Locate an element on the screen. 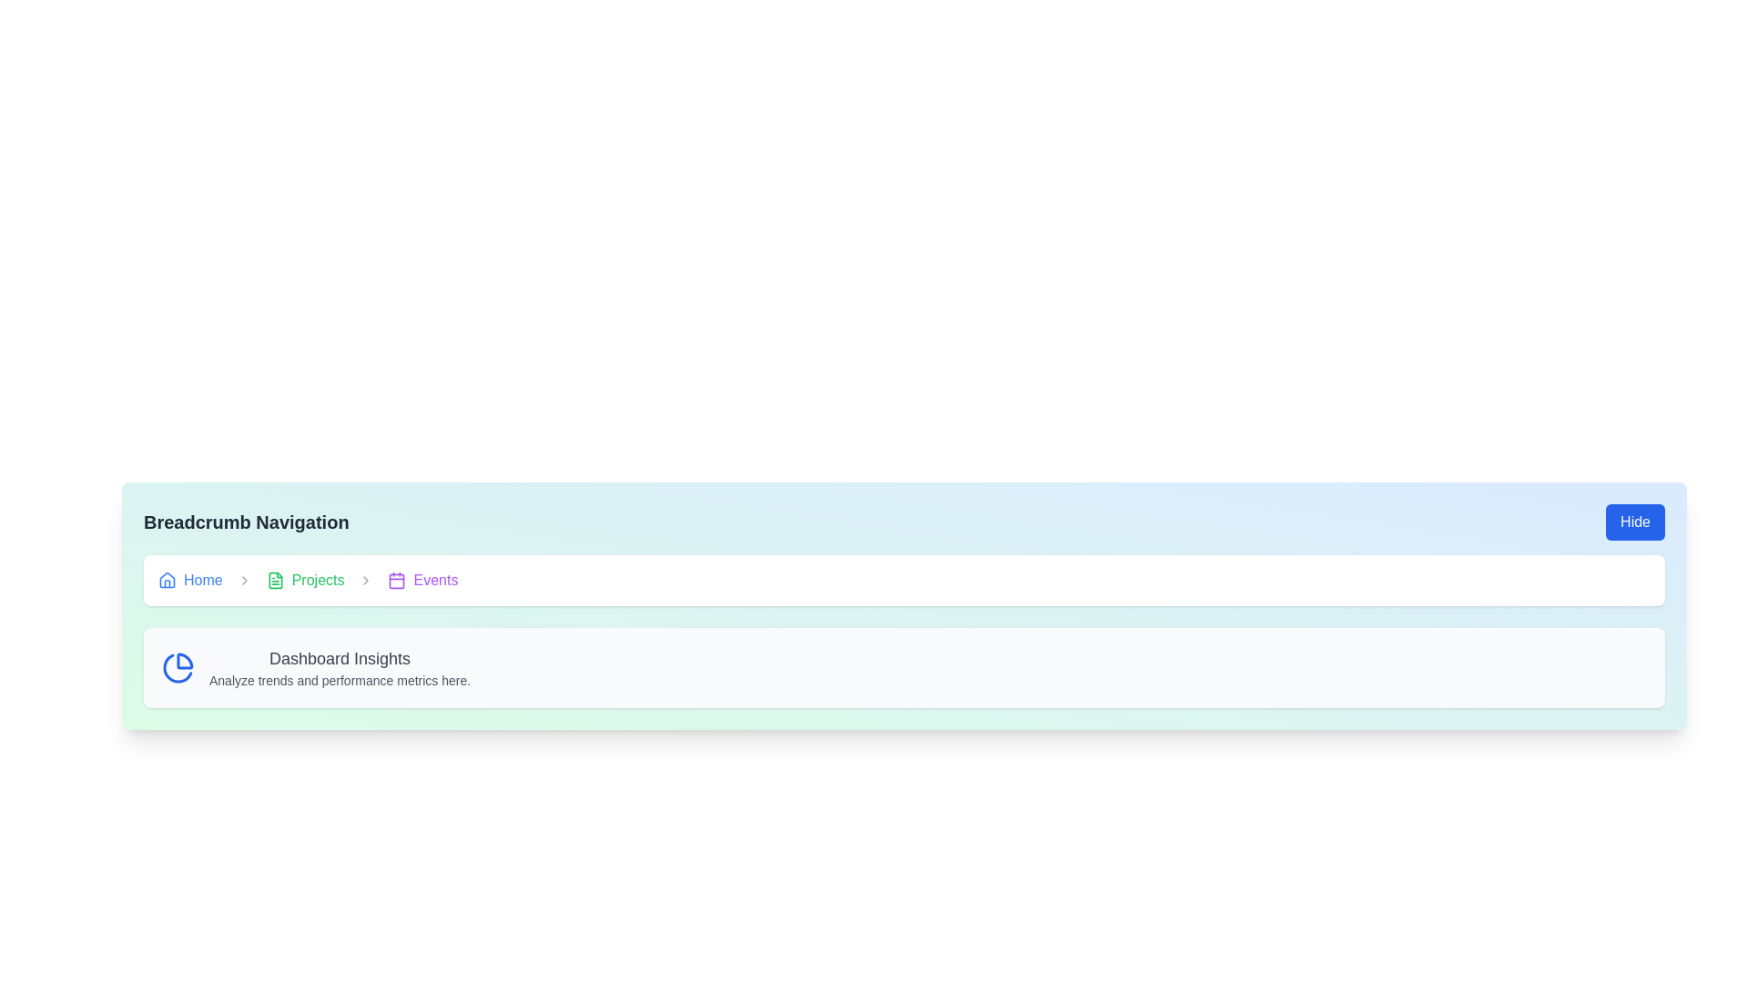 This screenshot has width=1748, height=983. the breadcrumb link labeled 'Projects' is located at coordinates (318, 580).